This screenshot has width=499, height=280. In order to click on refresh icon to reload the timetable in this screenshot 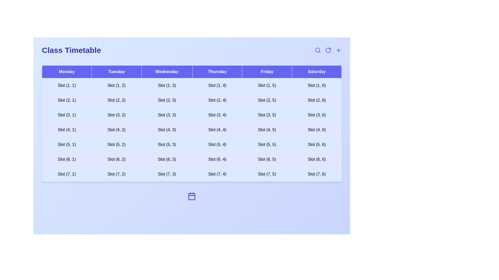, I will do `click(328, 50)`.